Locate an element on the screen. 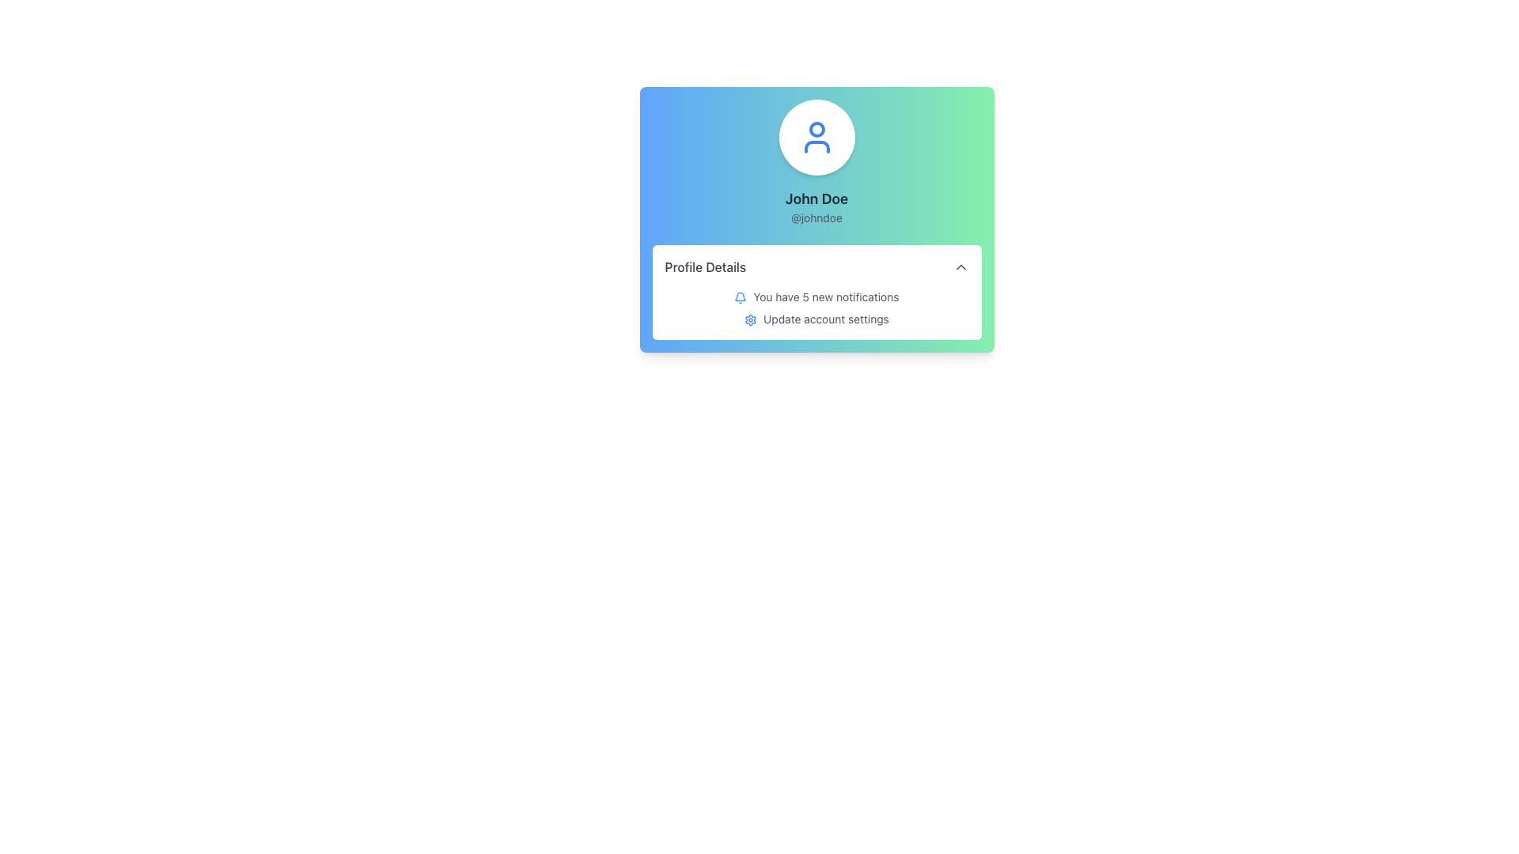 Image resolution: width=1519 pixels, height=854 pixels. the settings icon located in the top right corner of the dropdown menu within the detailed profile section is located at coordinates (750, 320).